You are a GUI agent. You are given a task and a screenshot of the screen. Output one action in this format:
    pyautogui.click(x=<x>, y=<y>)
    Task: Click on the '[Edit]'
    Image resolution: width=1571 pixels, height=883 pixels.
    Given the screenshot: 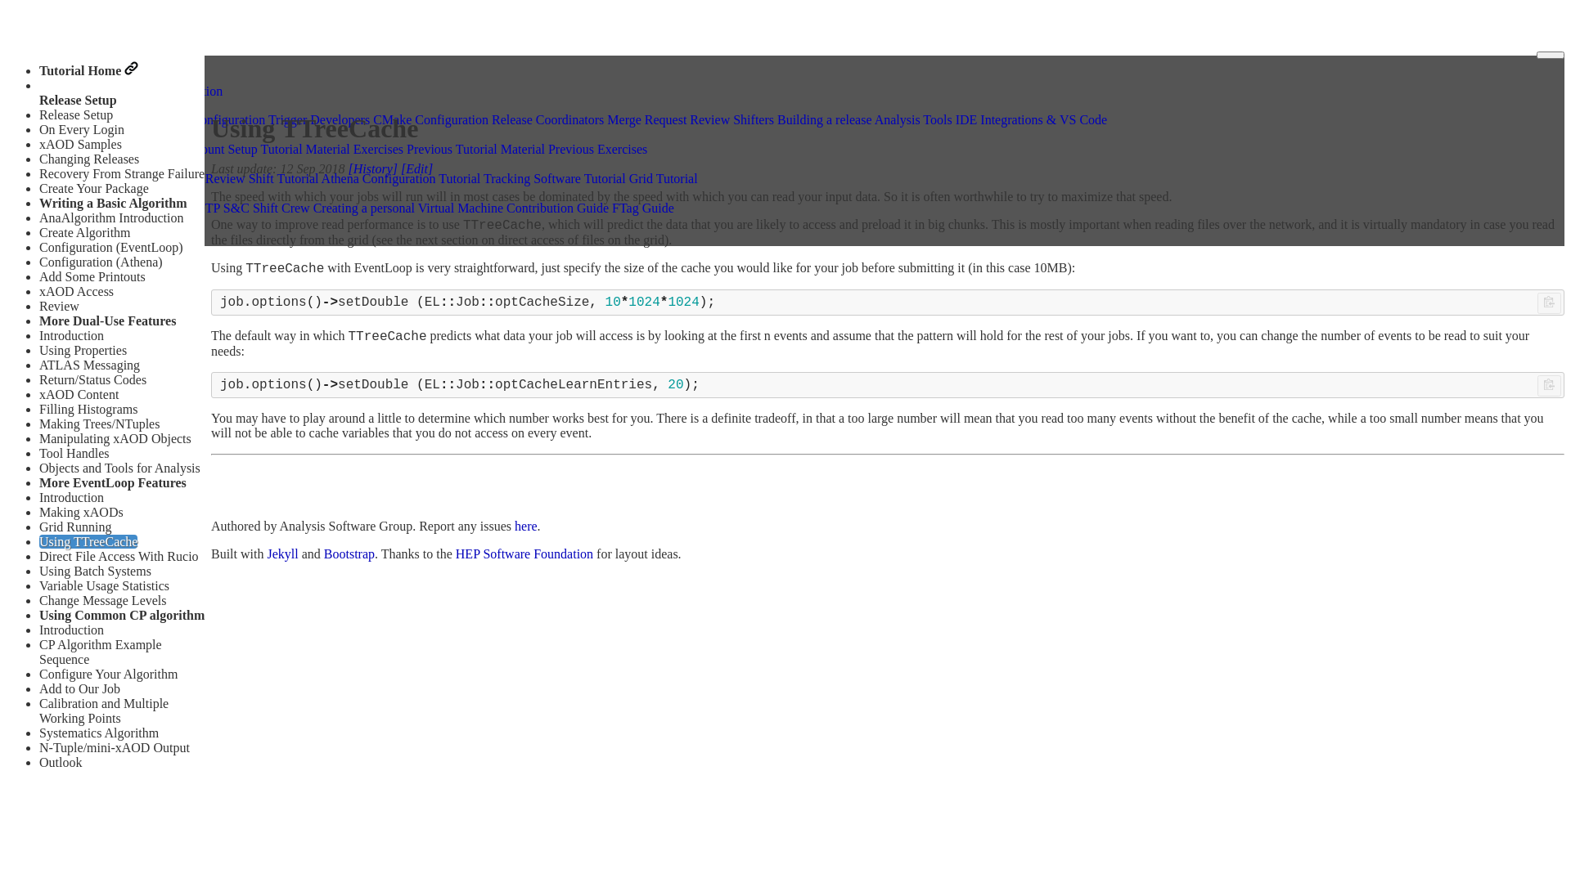 What is the action you would take?
    pyautogui.click(x=416, y=168)
    